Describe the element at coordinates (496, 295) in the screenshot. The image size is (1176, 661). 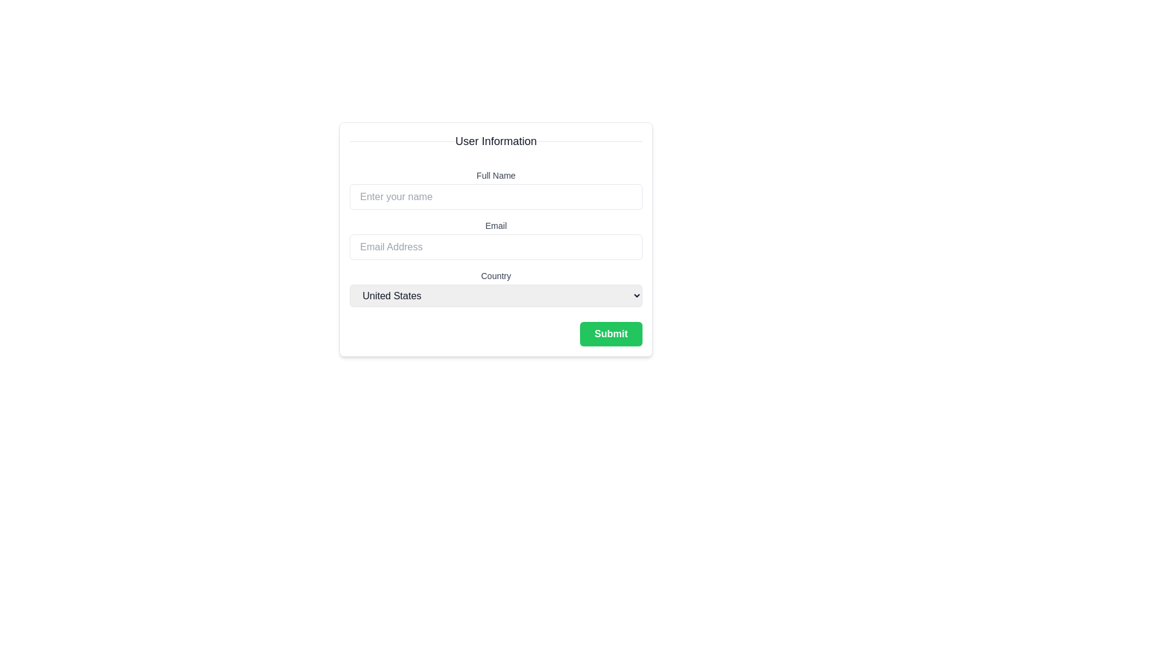
I see `the dropdown menu labeled 'Country' that displays 'United States'` at that location.